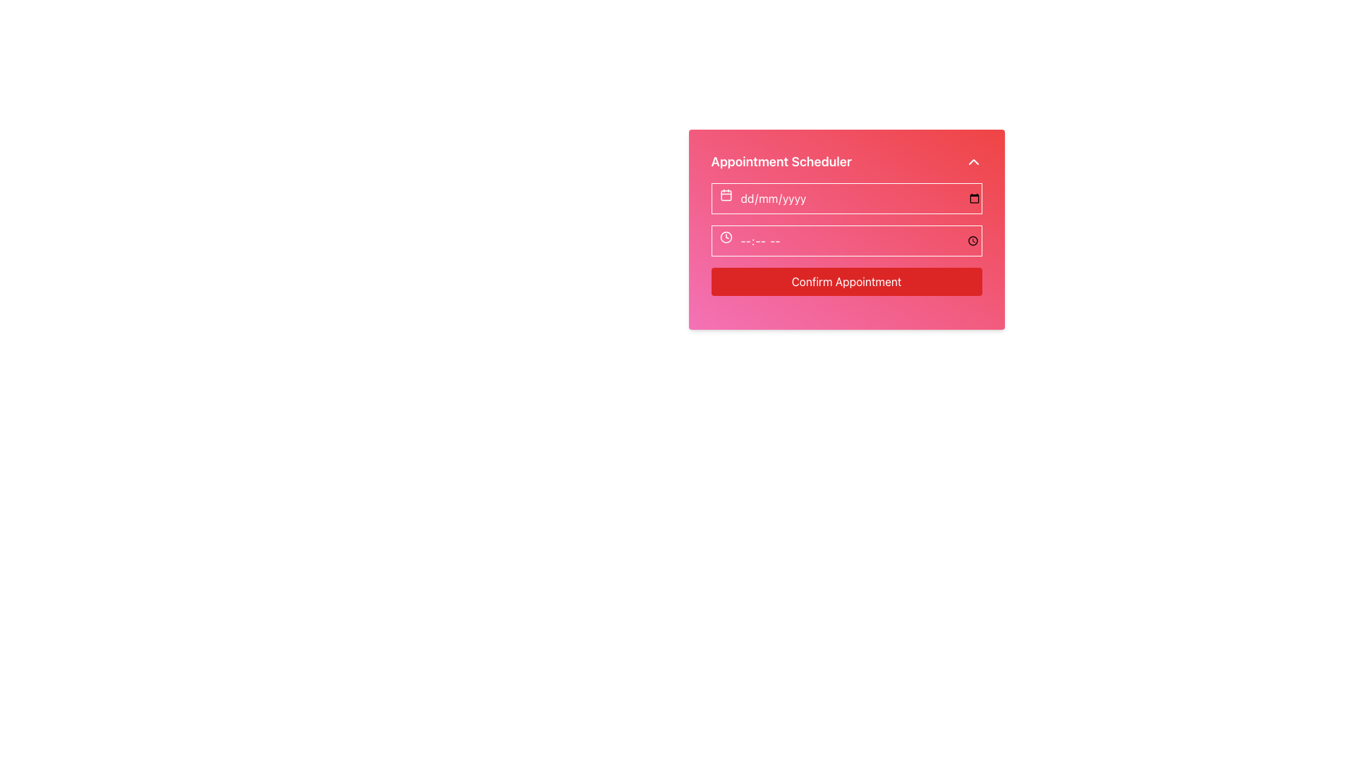  I want to click on the confirmation button in the Appointment Scheduler section, so click(846, 282).